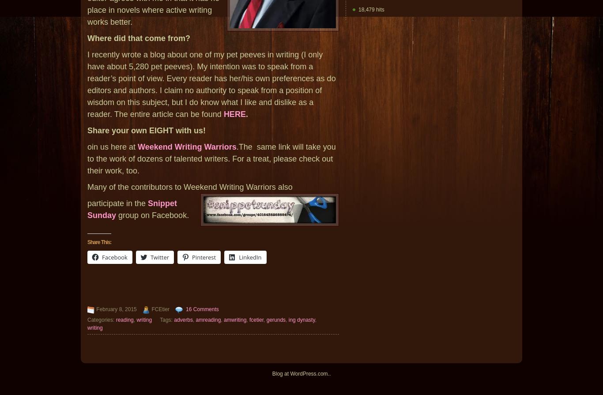 Image resolution: width=603 pixels, height=395 pixels. What do you see at coordinates (250, 257) in the screenshot?
I see `'LinkedIn'` at bounding box center [250, 257].